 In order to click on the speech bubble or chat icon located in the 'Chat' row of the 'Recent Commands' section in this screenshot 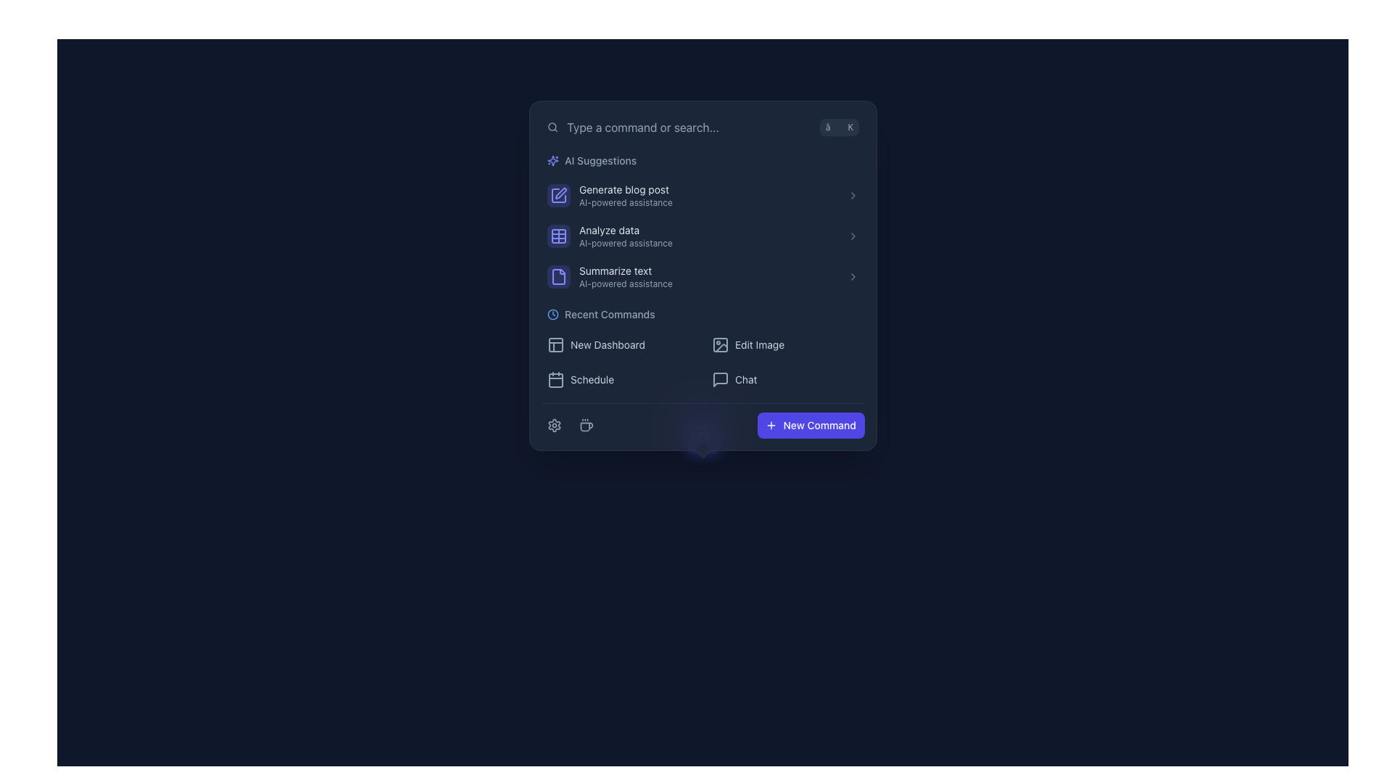, I will do `click(720, 379)`.